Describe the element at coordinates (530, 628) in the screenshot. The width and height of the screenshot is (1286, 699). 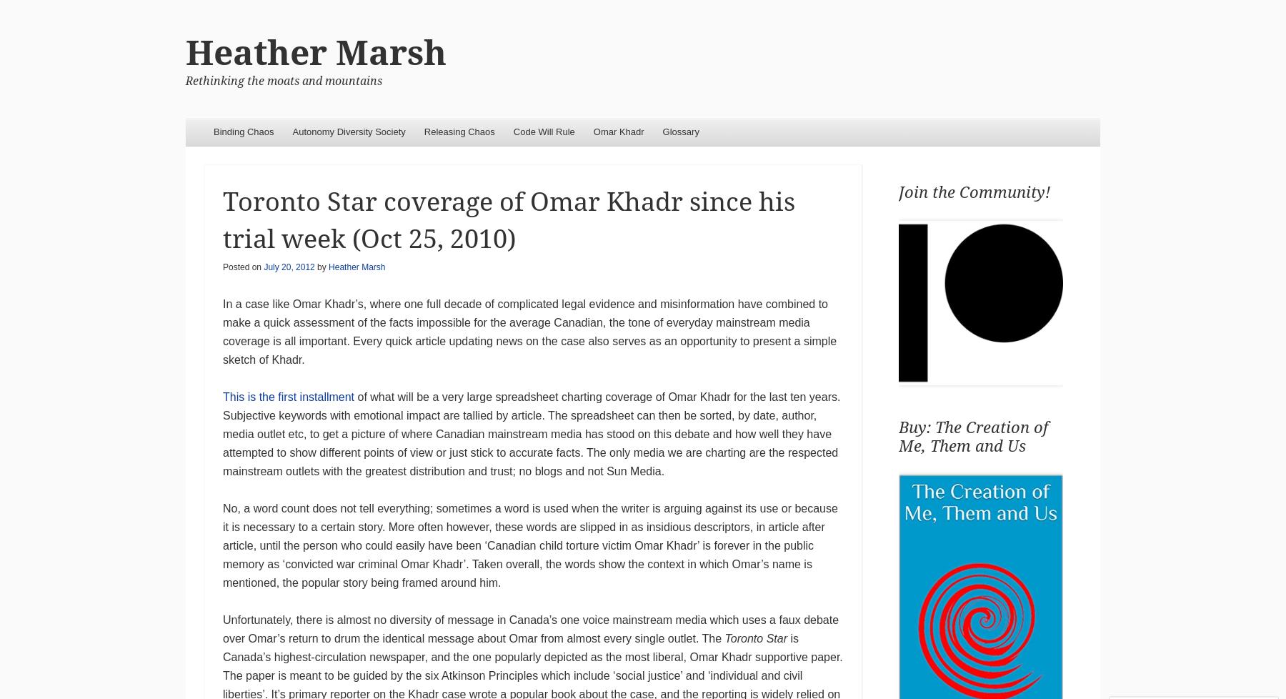
I see `'Unfortunately, there is almost no diversity of message in Canada’s one voice mainstream media which uses a faux debate over Omar’s return to drum the identical message about Omar from almost every single outlet. The'` at that location.